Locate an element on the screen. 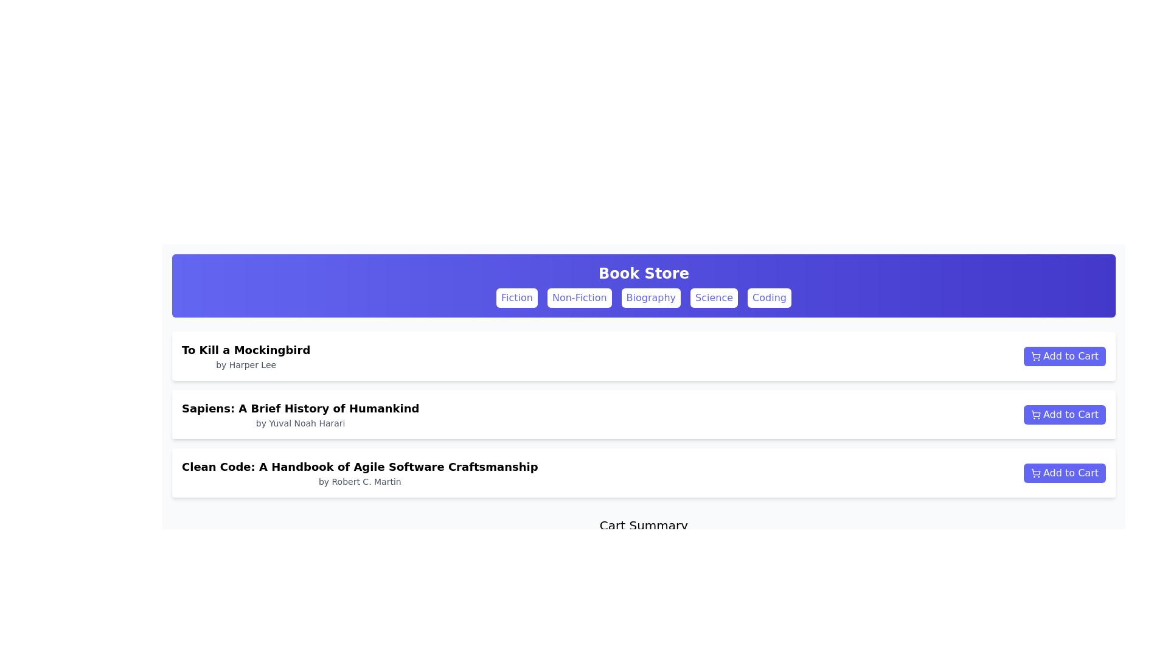 Image resolution: width=1168 pixels, height=657 pixels. the small shopping cart icon located within the 'Add to Cart' button at the far right of the third row in the list is located at coordinates (1035, 473).